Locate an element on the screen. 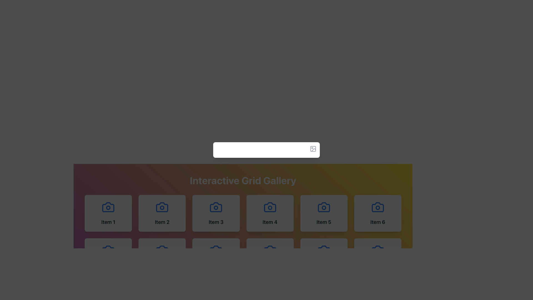  the Interactive Card located centrally in the modal to interact with it is located at coordinates (266, 150).